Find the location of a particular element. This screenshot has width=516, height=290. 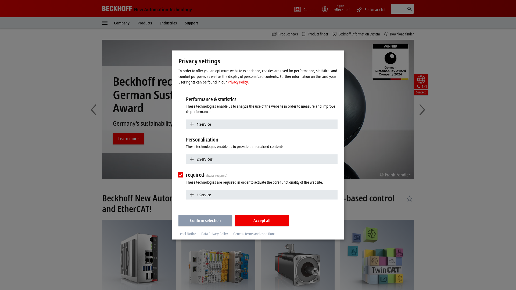

'Privacy Policy.' is located at coordinates (227, 82).